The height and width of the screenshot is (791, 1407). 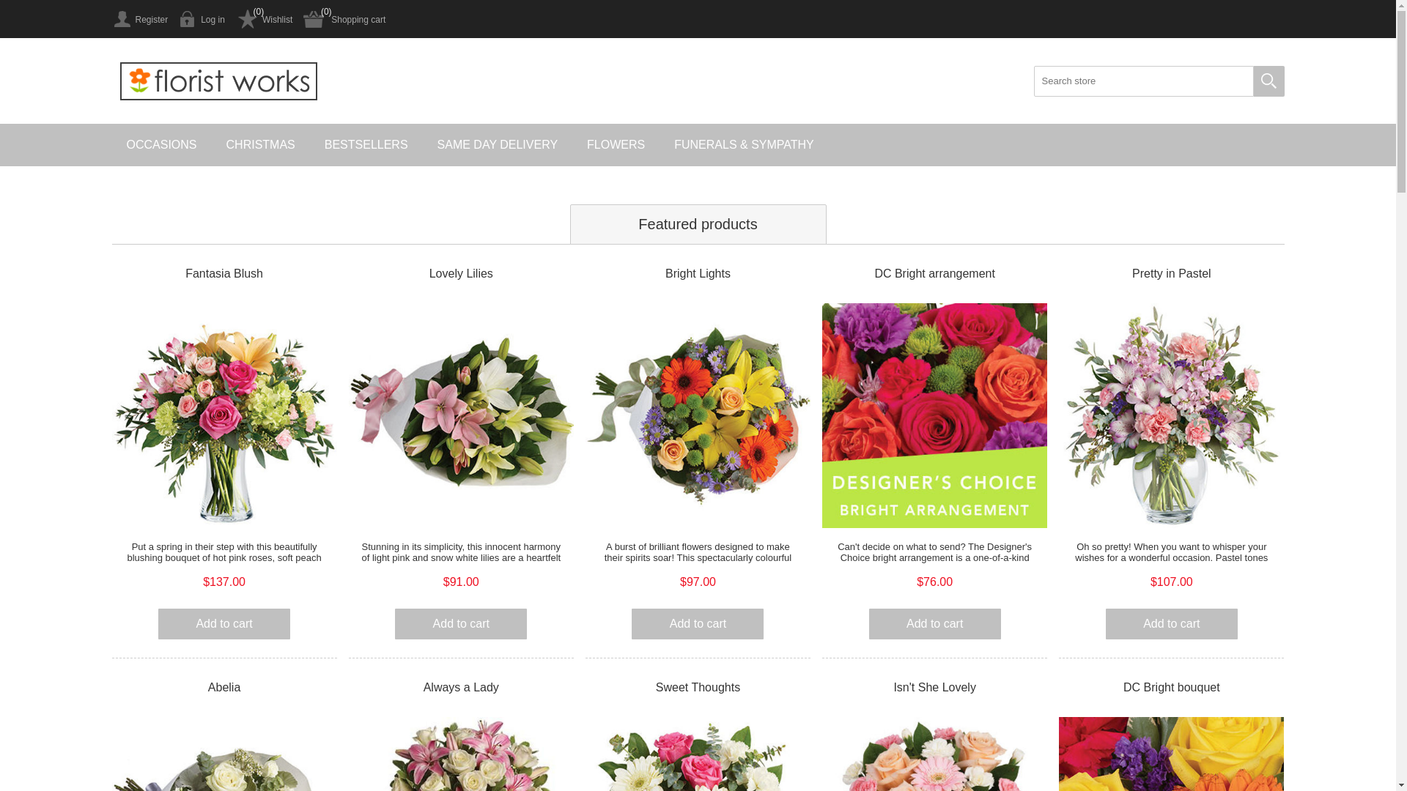 I want to click on 'CHRISTMAS', so click(x=210, y=144).